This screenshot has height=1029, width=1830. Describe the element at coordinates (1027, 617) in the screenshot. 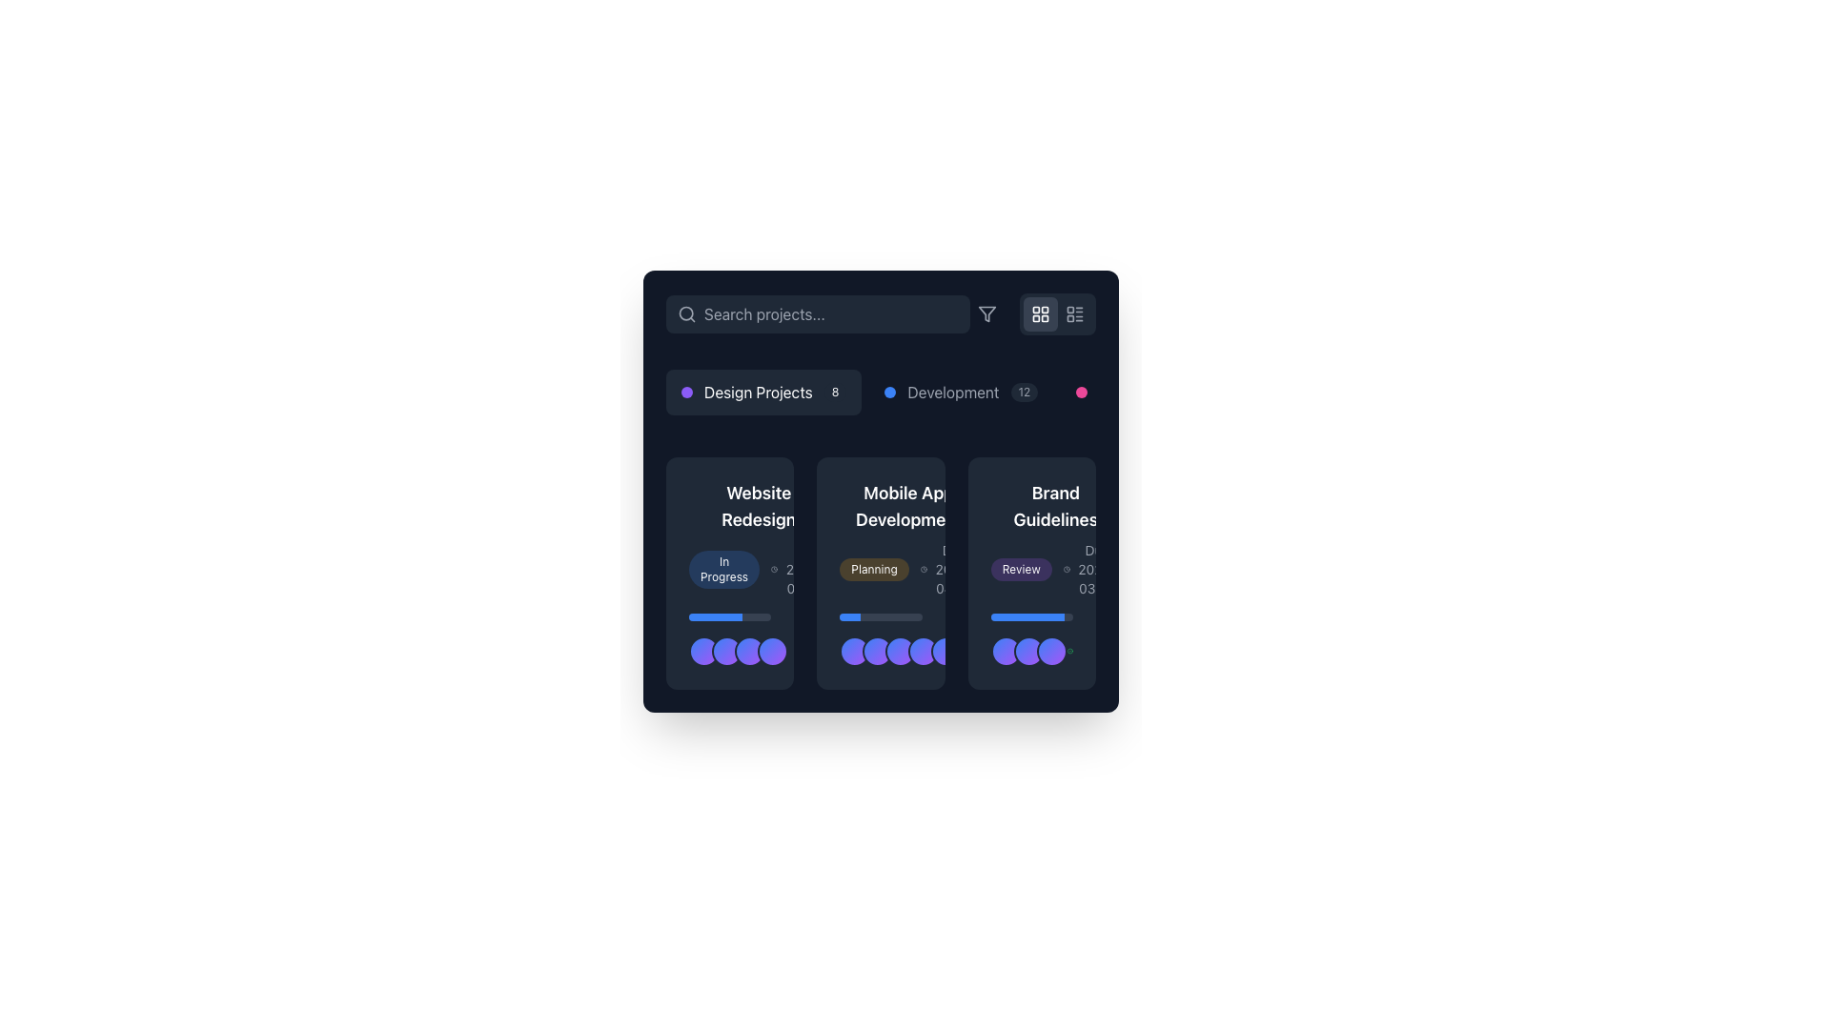

I see `the progress bar located within the third card in the interface, which visually indicates progress or percentage completion beneath the 'Review' section` at that location.